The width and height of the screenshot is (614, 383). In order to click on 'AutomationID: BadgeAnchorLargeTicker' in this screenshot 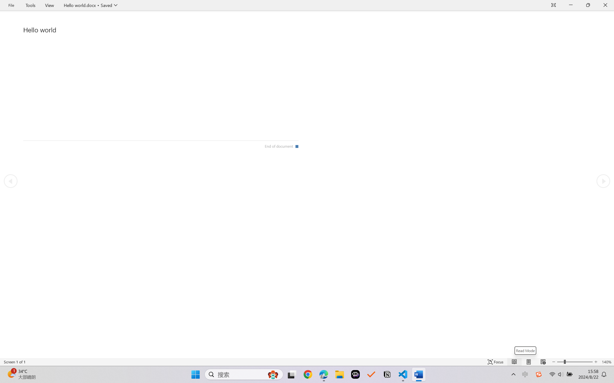, I will do `click(11, 374)`.